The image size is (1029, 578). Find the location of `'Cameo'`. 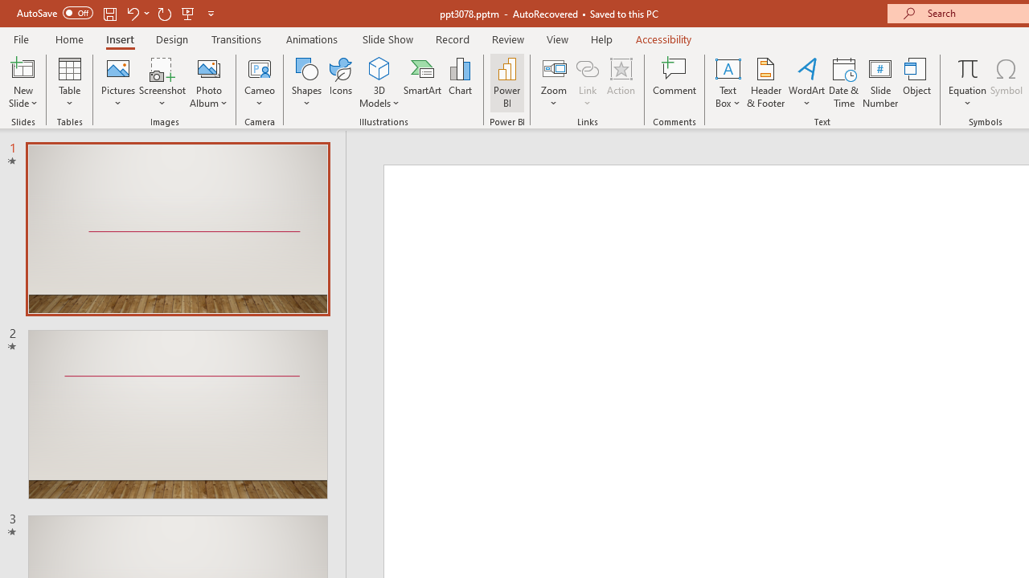

'Cameo' is located at coordinates (260, 83).